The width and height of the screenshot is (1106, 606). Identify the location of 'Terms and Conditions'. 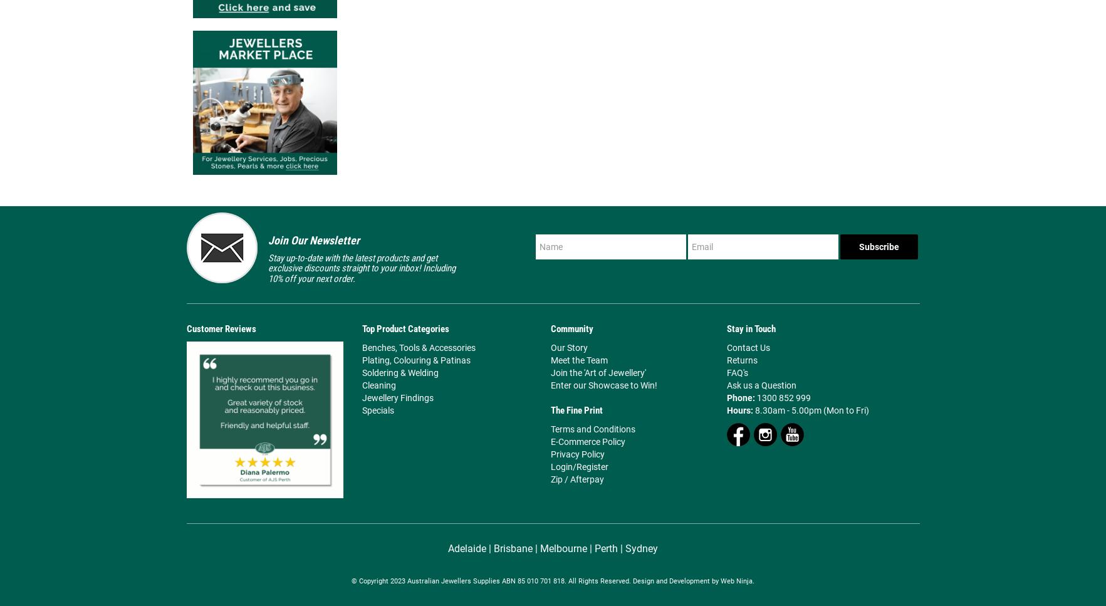
(593, 429).